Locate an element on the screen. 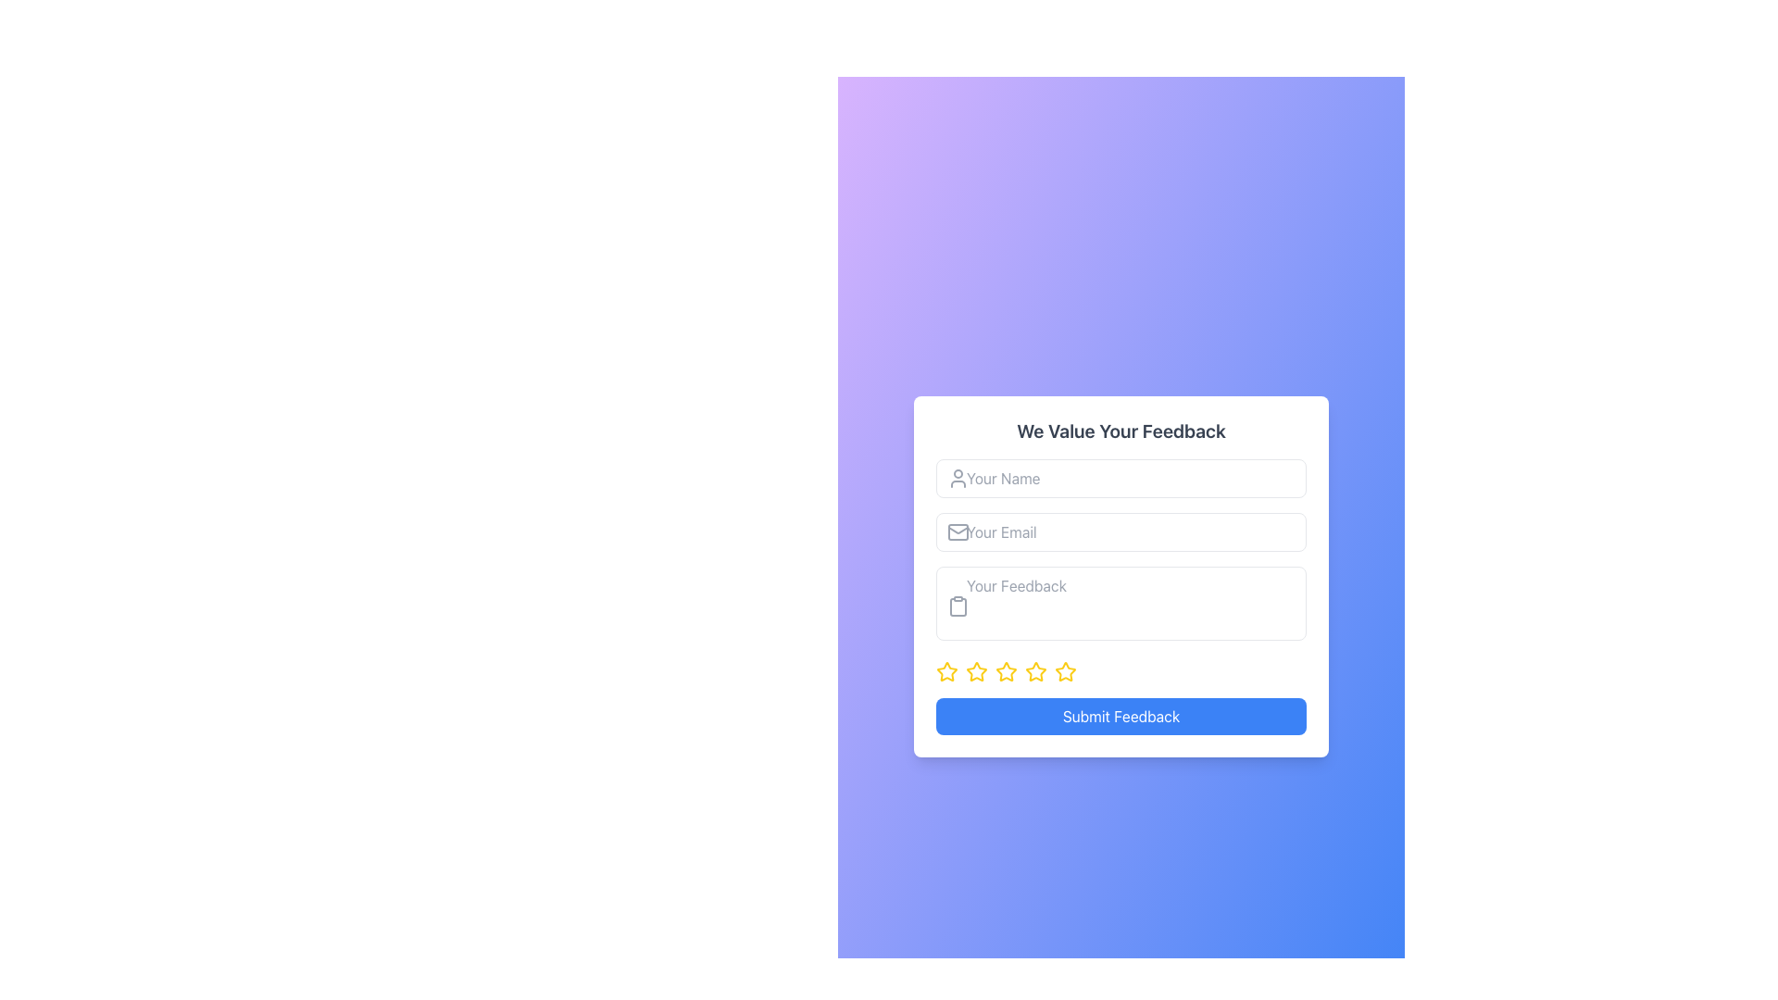  the fourth star icon in the horizontal lineup of rating stars below the feedback form is located at coordinates (1034, 671).